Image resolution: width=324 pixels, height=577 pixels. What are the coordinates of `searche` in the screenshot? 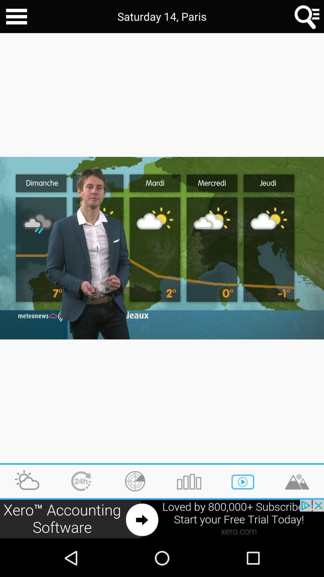 It's located at (307, 17).